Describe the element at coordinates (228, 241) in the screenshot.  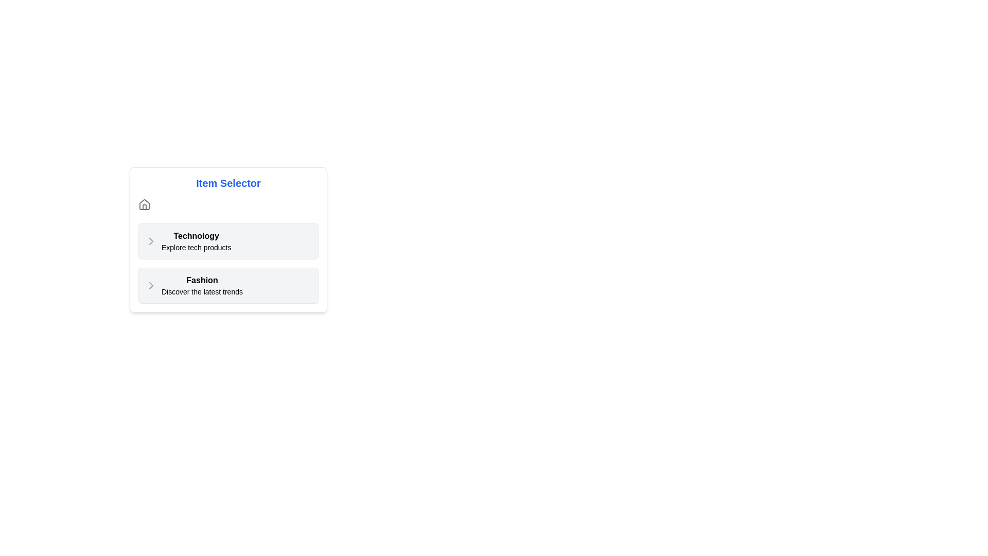
I see `the first item in the technology-related products list, which is an interactive menu option` at that location.